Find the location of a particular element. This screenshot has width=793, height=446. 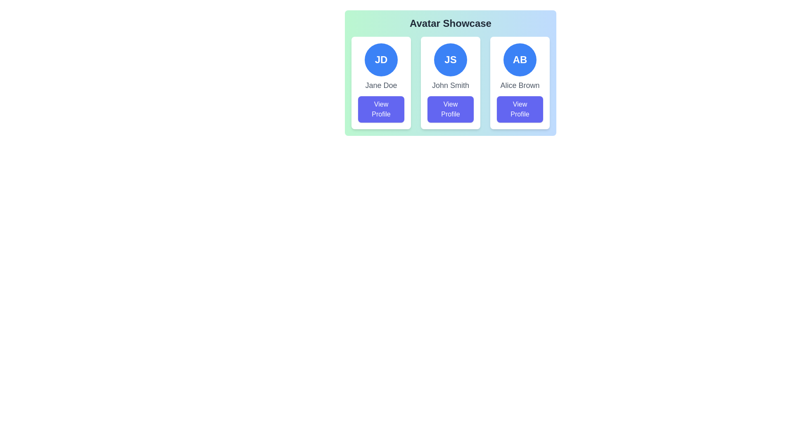

the profile avatar representing user 'John Smith' with initials 'JS', located at the center of the topmost component within the card is located at coordinates (450, 59).